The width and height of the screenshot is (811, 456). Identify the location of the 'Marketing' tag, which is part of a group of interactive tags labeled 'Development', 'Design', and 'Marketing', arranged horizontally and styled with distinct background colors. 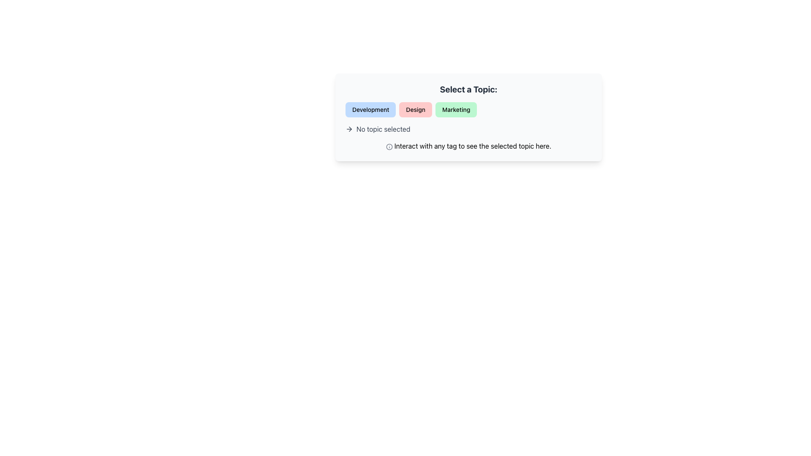
(468, 109).